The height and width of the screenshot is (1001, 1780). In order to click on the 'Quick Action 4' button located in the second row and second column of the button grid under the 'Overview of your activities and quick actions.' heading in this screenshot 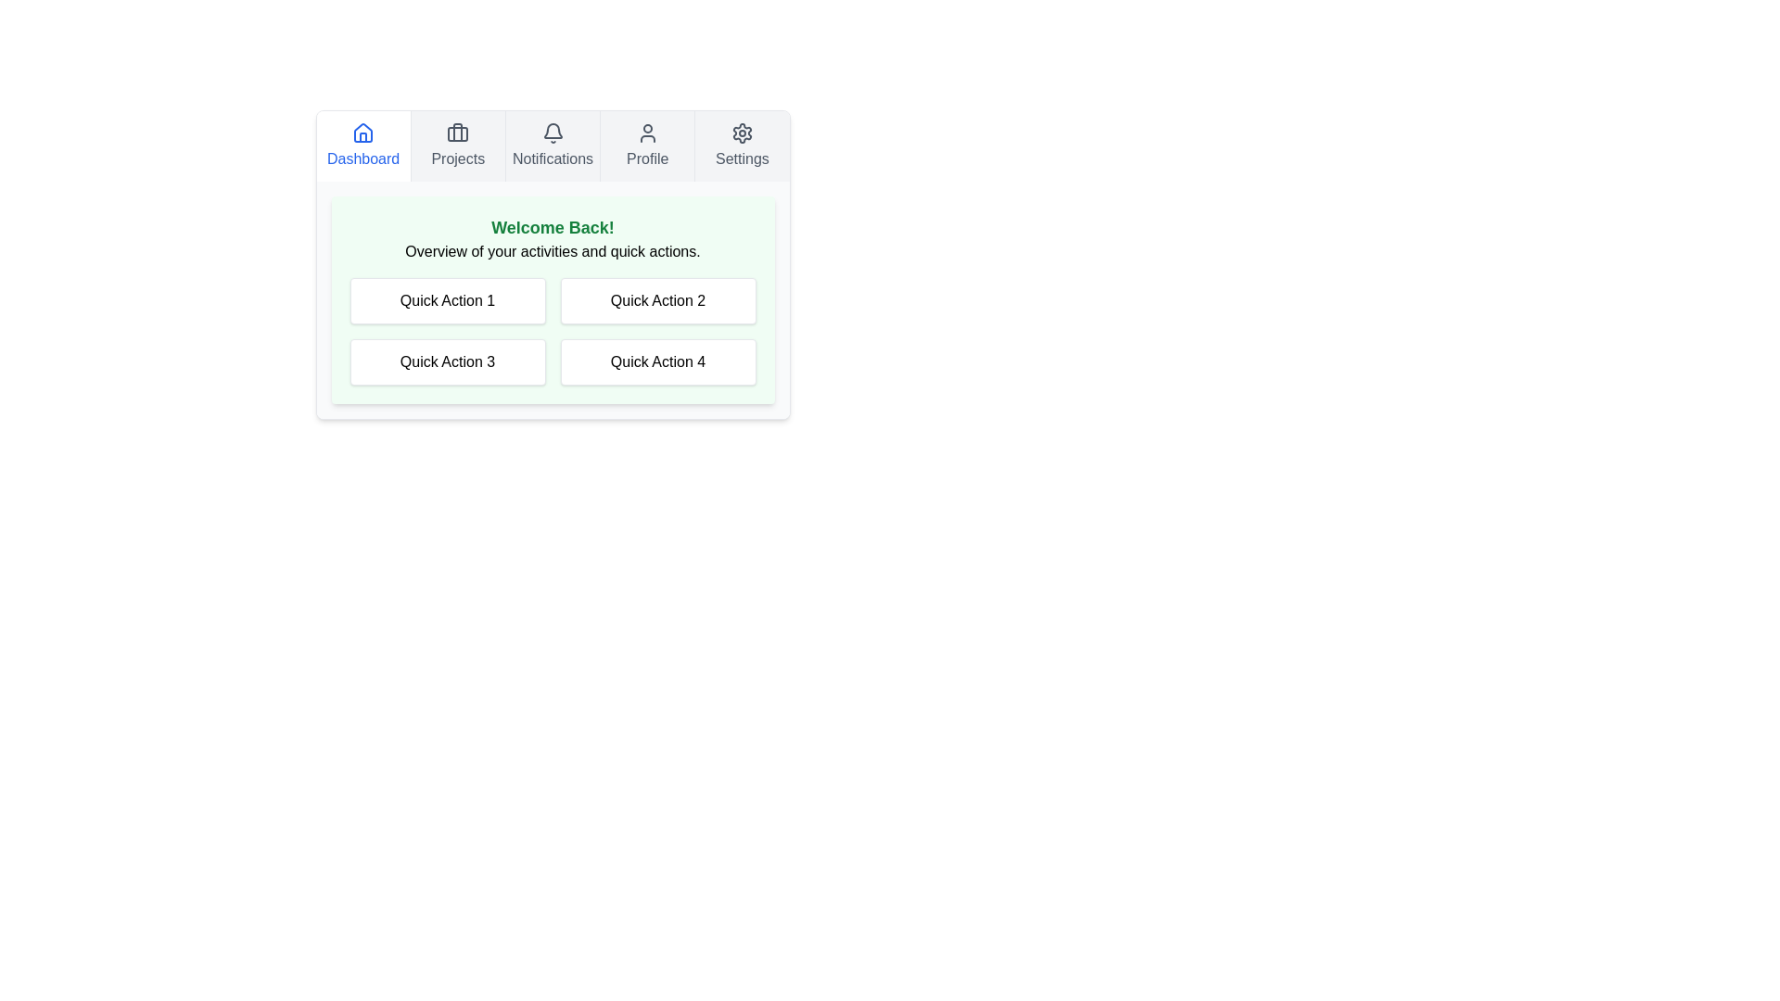, I will do `click(658, 361)`.